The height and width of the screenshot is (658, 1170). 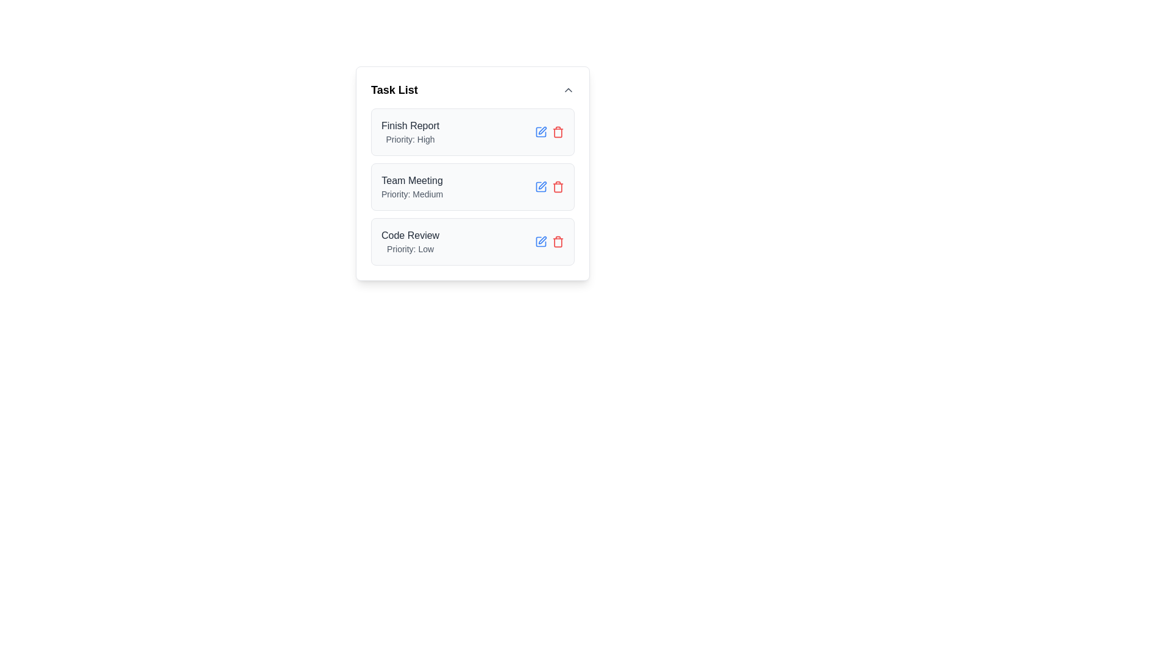 I want to click on the second item in the 'Task List', so click(x=472, y=187).